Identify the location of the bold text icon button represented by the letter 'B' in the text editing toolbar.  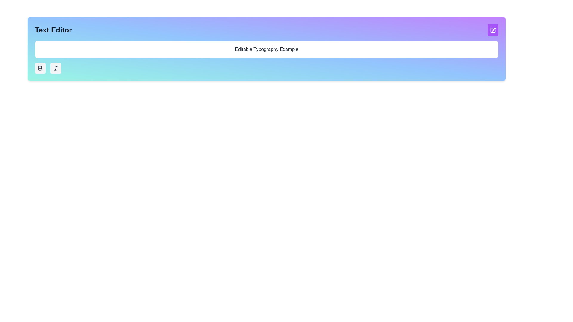
(40, 68).